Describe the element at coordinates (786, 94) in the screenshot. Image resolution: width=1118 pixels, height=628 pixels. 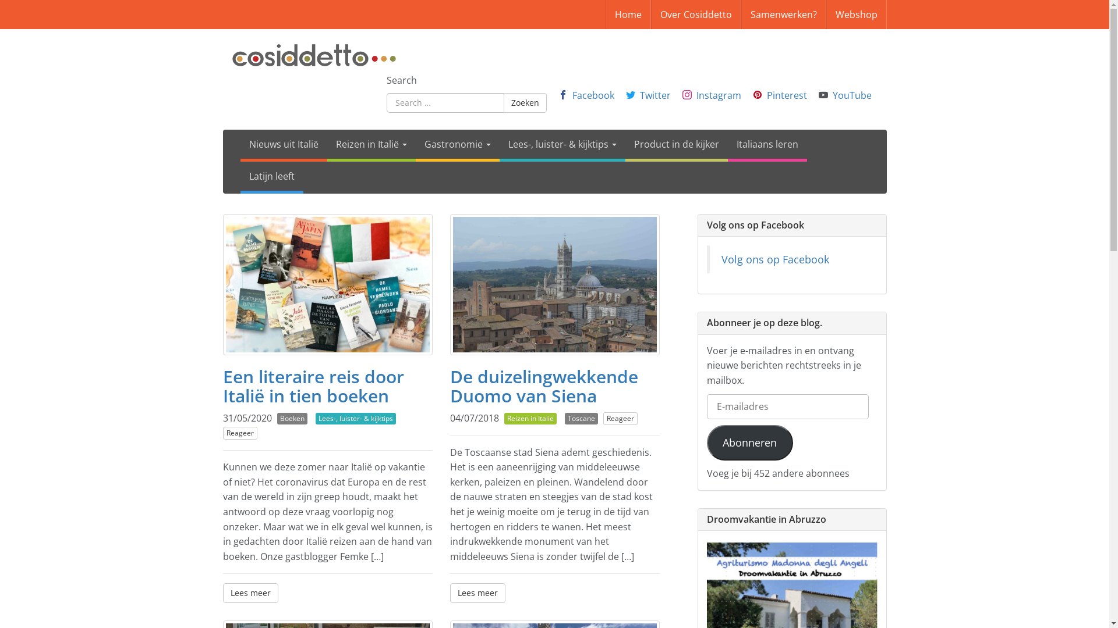
I see `'Pinterest'` at that location.